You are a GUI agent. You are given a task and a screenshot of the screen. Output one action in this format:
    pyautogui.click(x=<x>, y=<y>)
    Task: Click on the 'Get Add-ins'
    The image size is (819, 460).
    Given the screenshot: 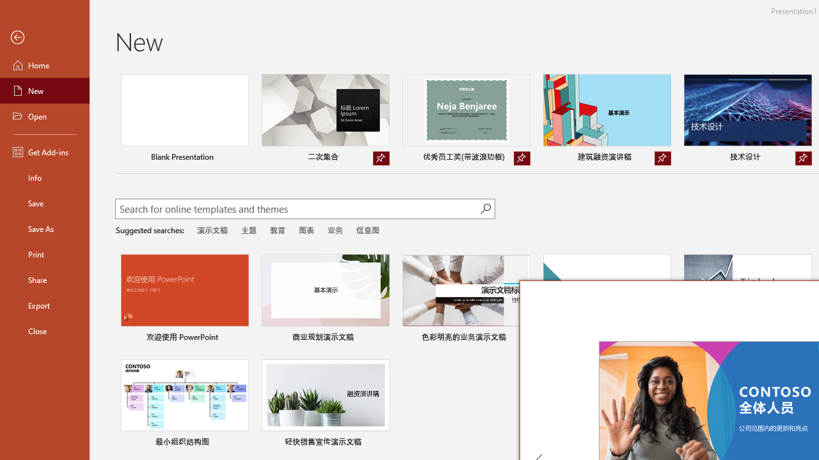 What is the action you would take?
    pyautogui.click(x=44, y=151)
    